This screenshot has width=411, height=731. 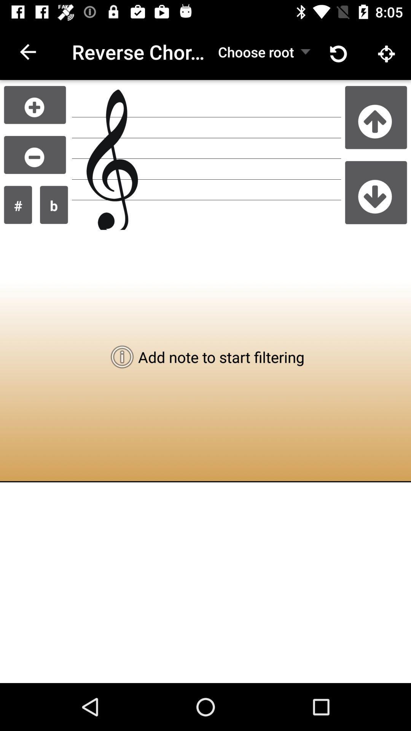 I want to click on b measure to note, so click(x=53, y=205).